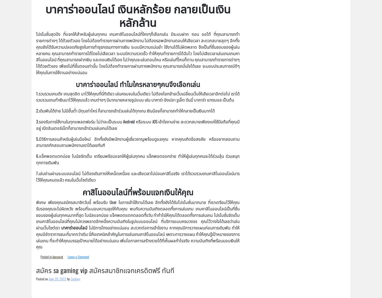  I want to click on 'June 20, 2023', so click(57, 279).